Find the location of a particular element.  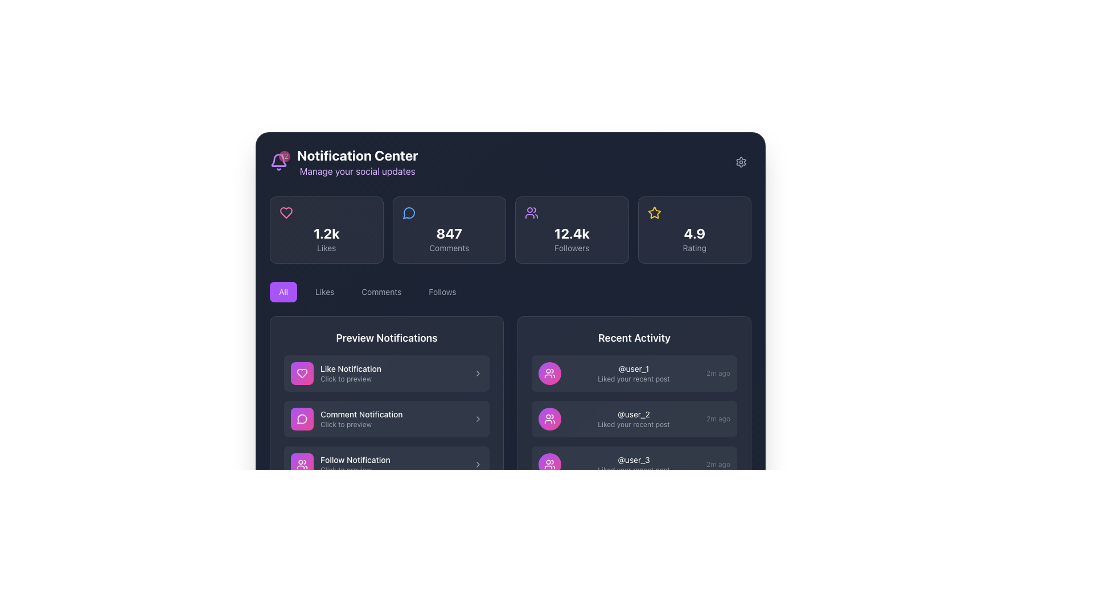

the rounded rectangular button with a purple background and white text that reads 'All' is located at coordinates (283, 292).